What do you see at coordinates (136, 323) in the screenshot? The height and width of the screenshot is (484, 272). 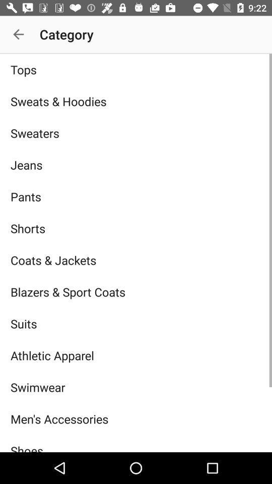 I see `item above the athletic apparel` at bounding box center [136, 323].